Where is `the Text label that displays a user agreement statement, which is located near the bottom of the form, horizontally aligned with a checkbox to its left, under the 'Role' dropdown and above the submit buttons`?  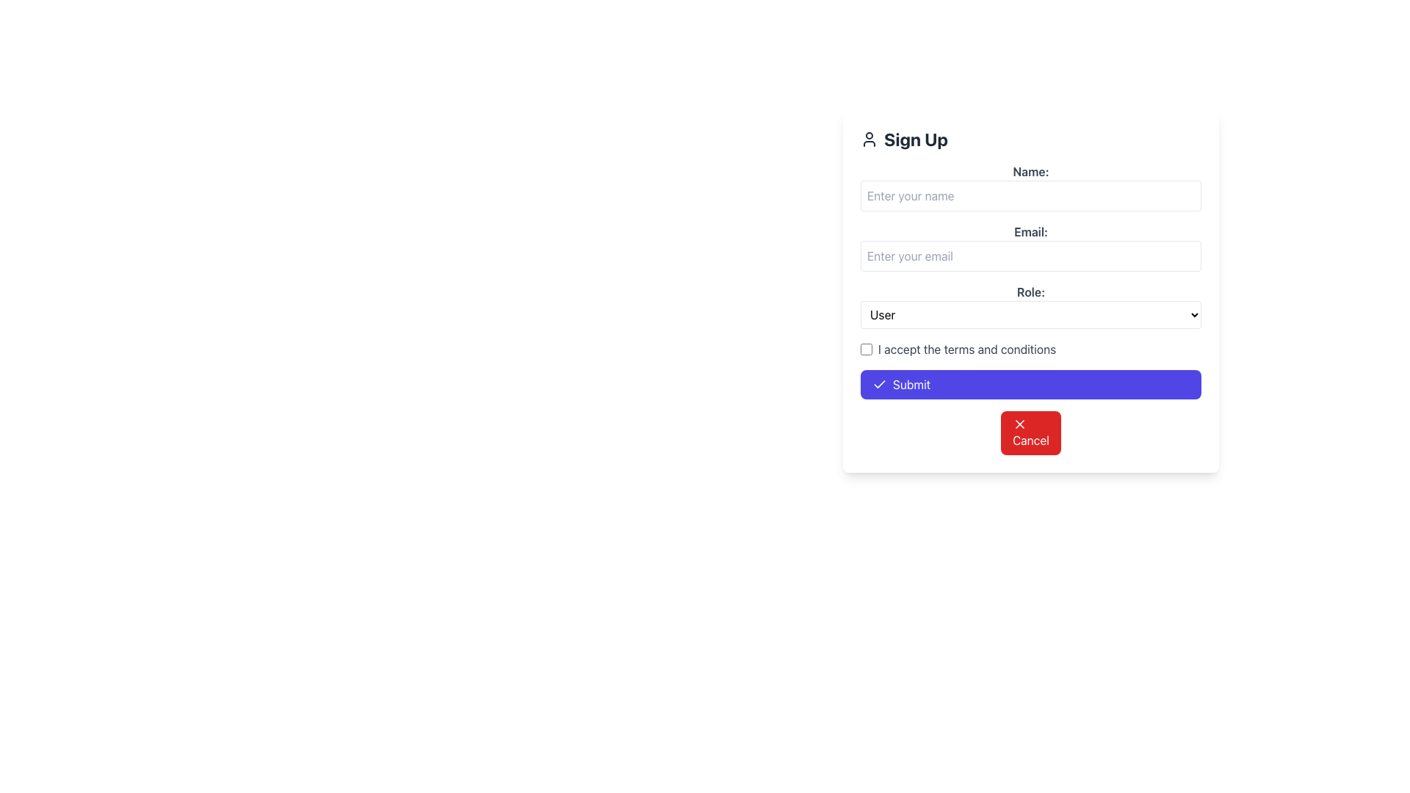
the Text label that displays a user agreement statement, which is located near the bottom of the form, horizontally aligned with a checkbox to its left, under the 'Role' dropdown and above the submit buttons is located at coordinates (967, 349).